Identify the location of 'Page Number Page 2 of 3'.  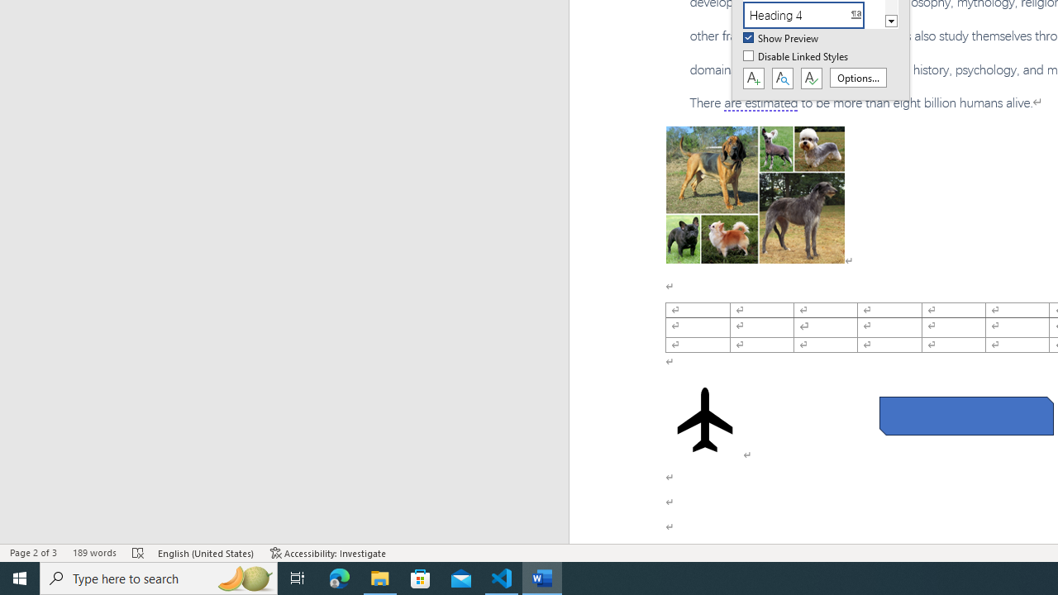
(33, 553).